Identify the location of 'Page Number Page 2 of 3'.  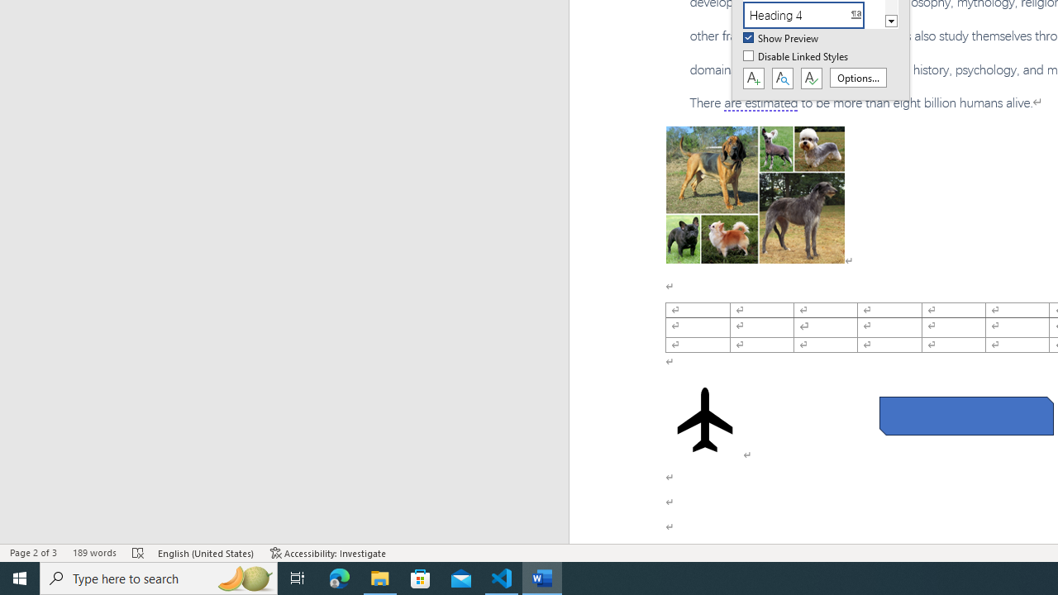
(33, 553).